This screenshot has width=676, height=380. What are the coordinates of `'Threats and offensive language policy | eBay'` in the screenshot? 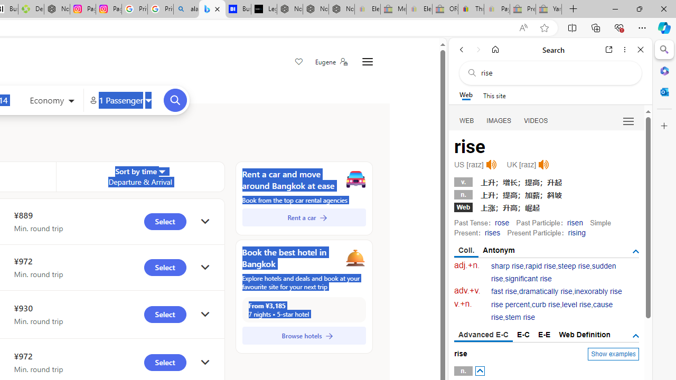 It's located at (471, 9).